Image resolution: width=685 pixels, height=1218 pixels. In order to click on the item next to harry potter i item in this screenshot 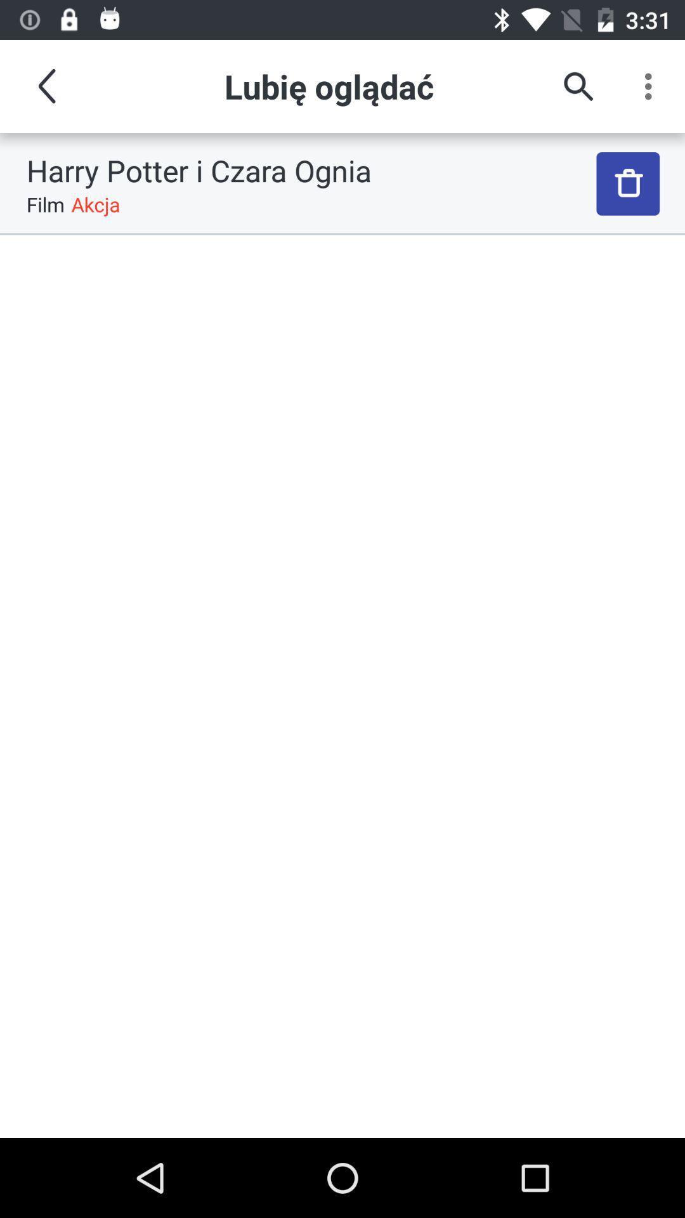, I will do `click(628, 183)`.